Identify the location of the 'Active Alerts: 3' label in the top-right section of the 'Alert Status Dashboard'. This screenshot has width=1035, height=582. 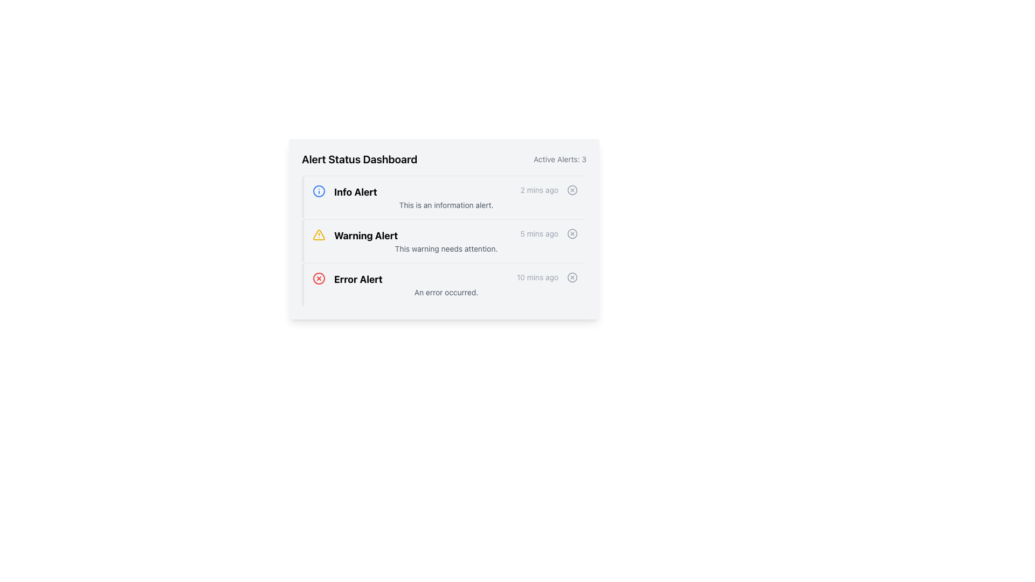
(560, 160).